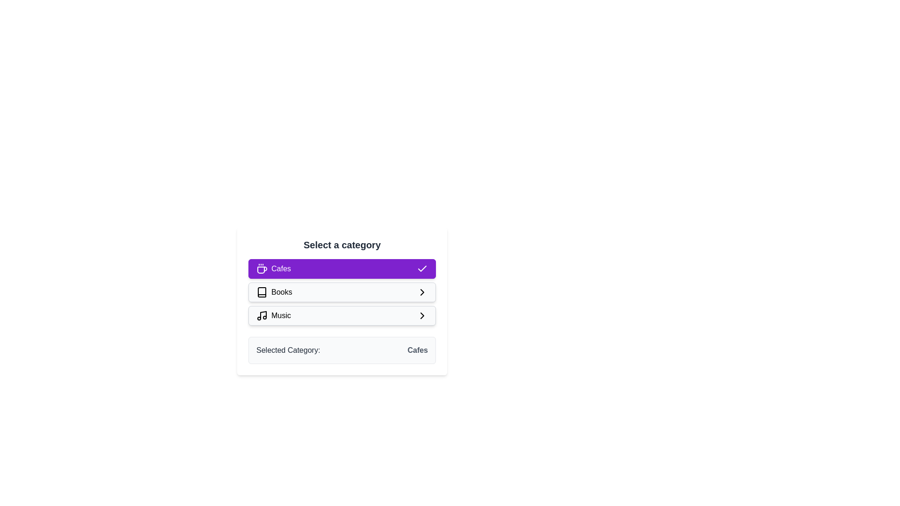 The height and width of the screenshot is (506, 900). What do you see at coordinates (273, 316) in the screenshot?
I see `the third item in the 'Select a category' menu` at bounding box center [273, 316].